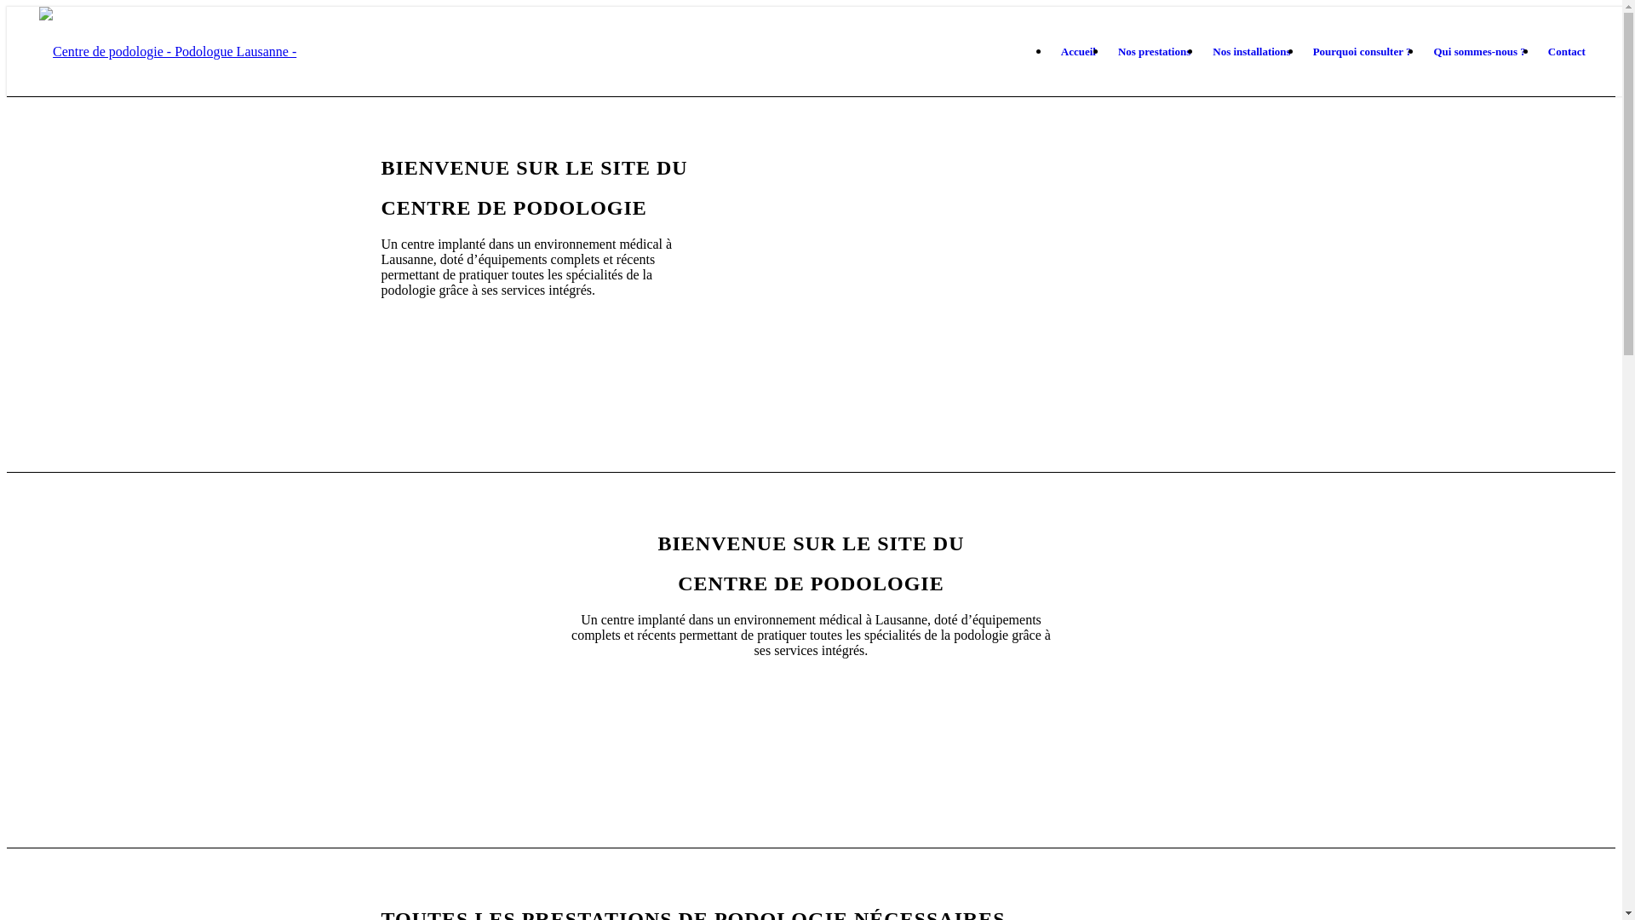  Describe the element at coordinates (1251, 50) in the screenshot. I see `'Nos installations'` at that location.